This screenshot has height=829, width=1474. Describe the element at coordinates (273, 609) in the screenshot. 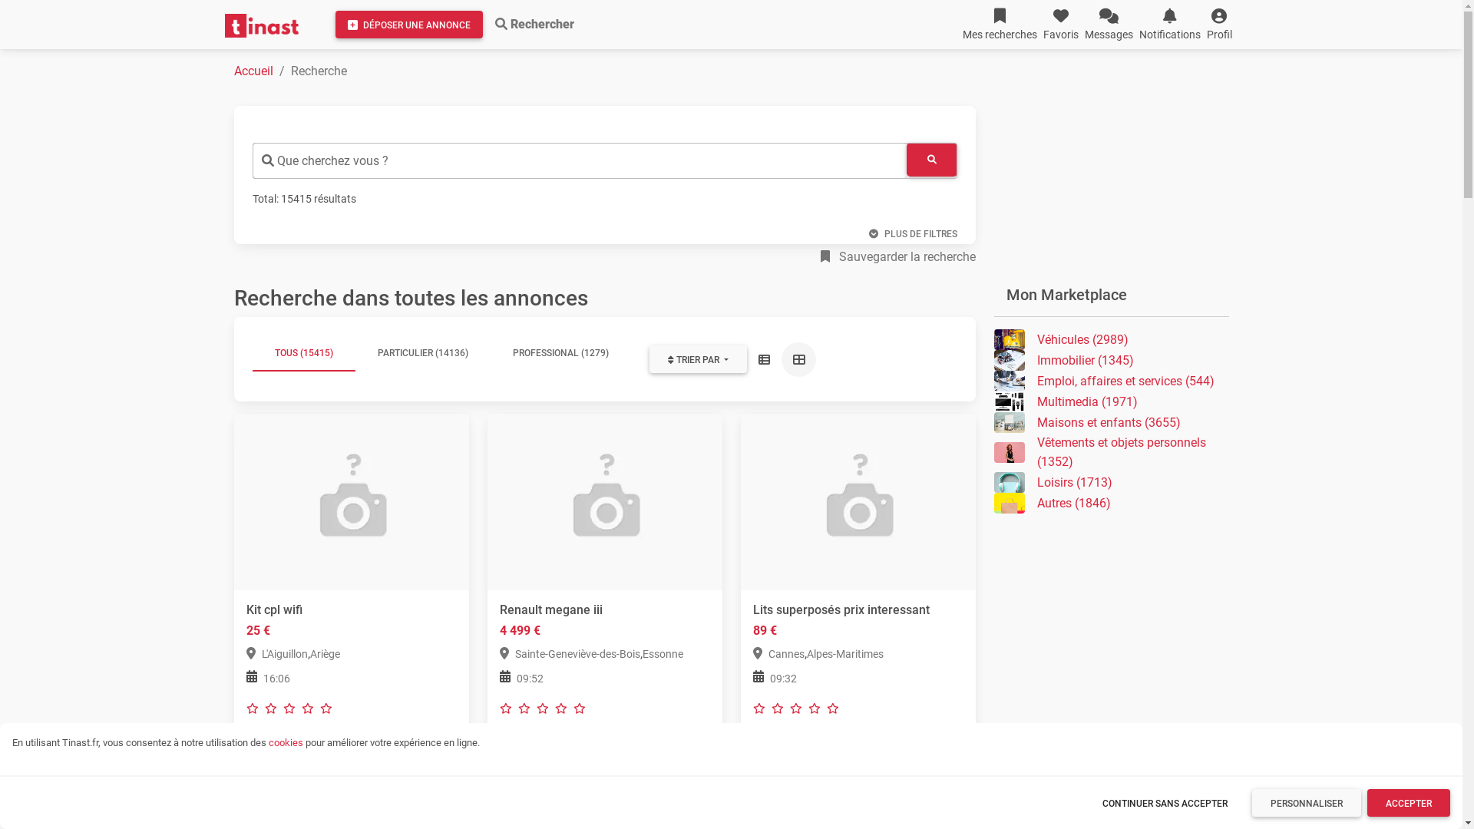

I see `'Kit cpl wifi'` at that location.